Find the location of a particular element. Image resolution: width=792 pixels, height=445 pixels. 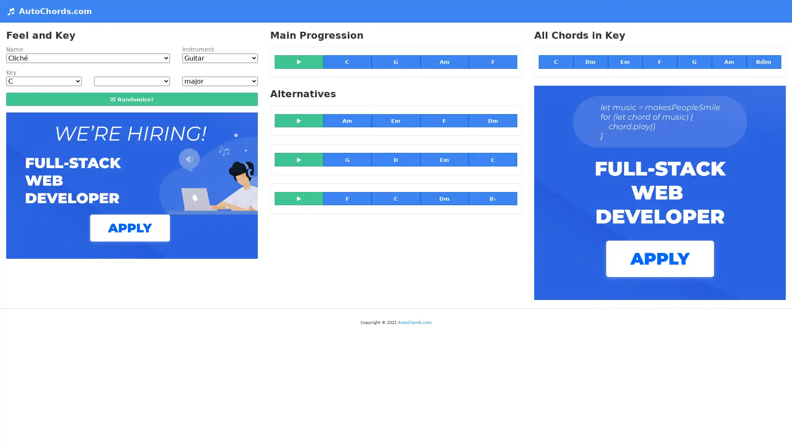

C is located at coordinates (395, 198).